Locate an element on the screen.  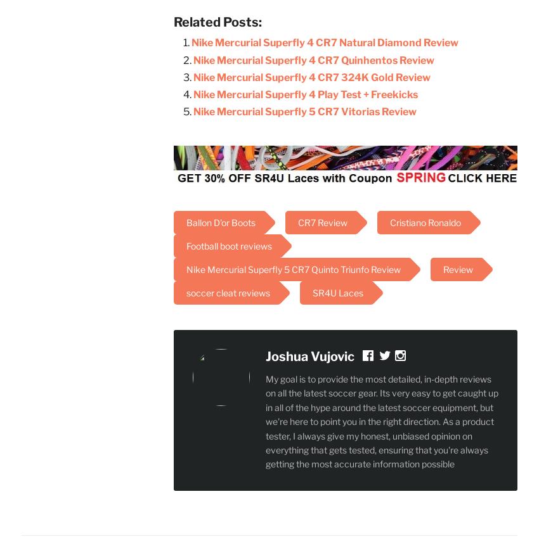
'Review' is located at coordinates (457, 269).